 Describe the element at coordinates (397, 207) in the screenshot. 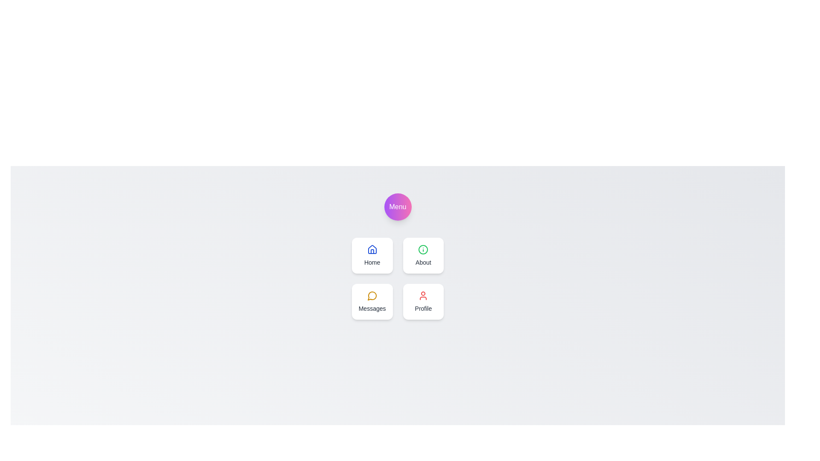

I see `the 'Menu' button to toggle the menu visibility` at that location.